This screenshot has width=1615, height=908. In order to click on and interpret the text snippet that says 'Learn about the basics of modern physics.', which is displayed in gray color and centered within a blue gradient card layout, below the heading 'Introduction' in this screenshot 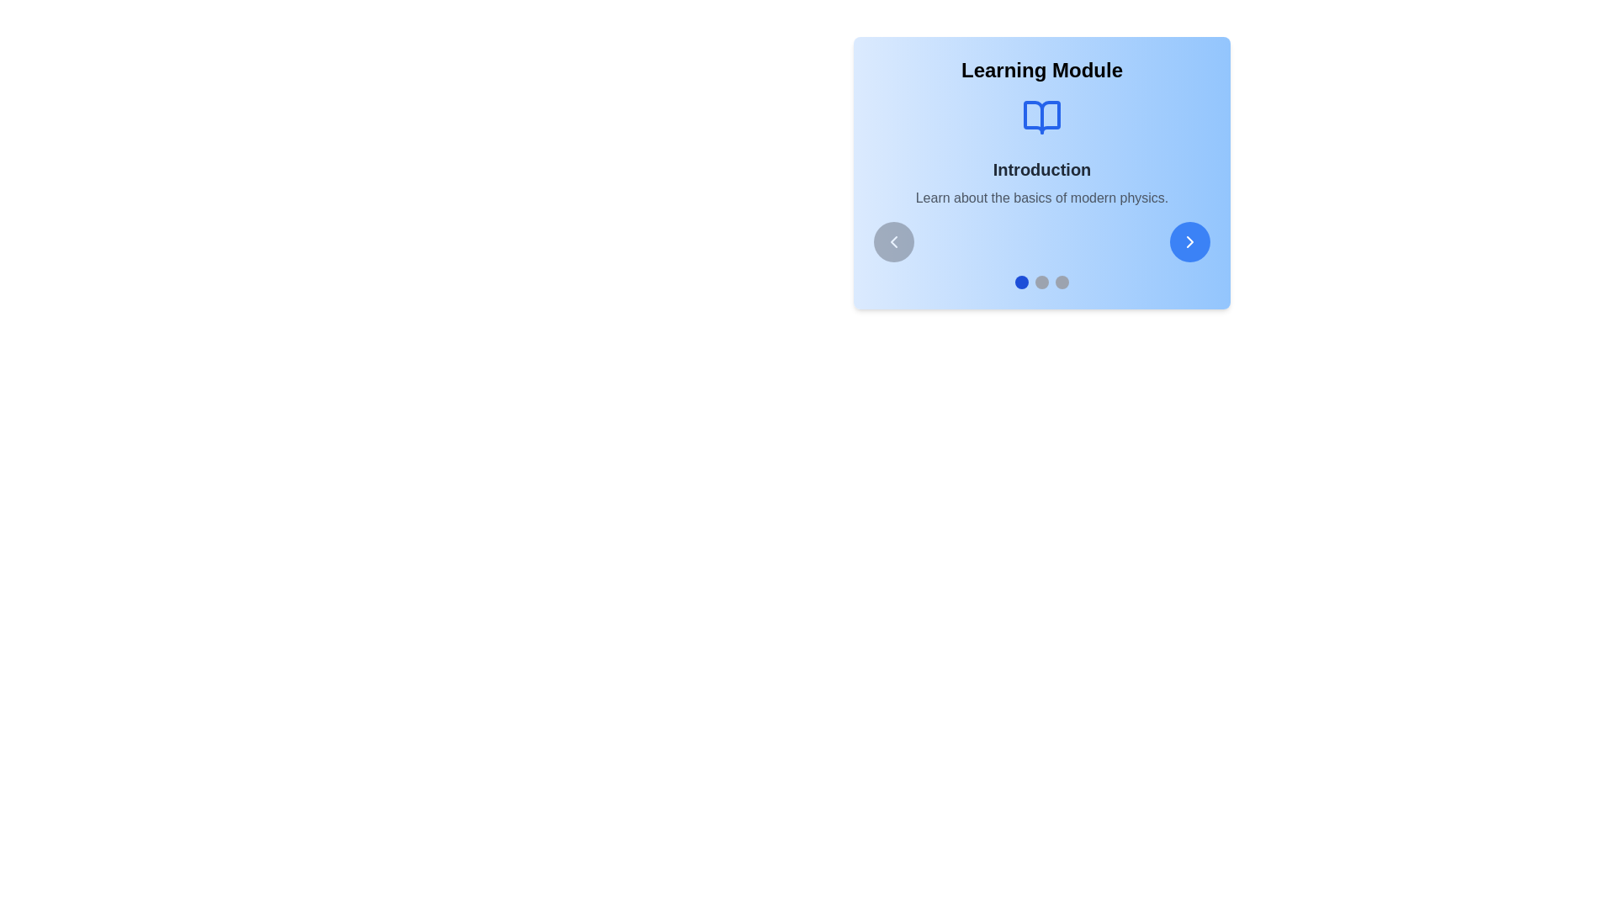, I will do `click(1040, 197)`.